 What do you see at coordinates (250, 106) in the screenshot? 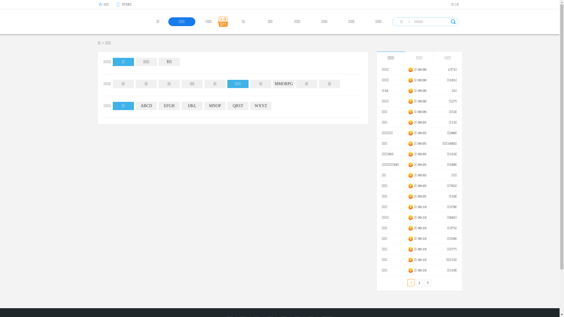
I see `'WXYZ'` at bounding box center [250, 106].